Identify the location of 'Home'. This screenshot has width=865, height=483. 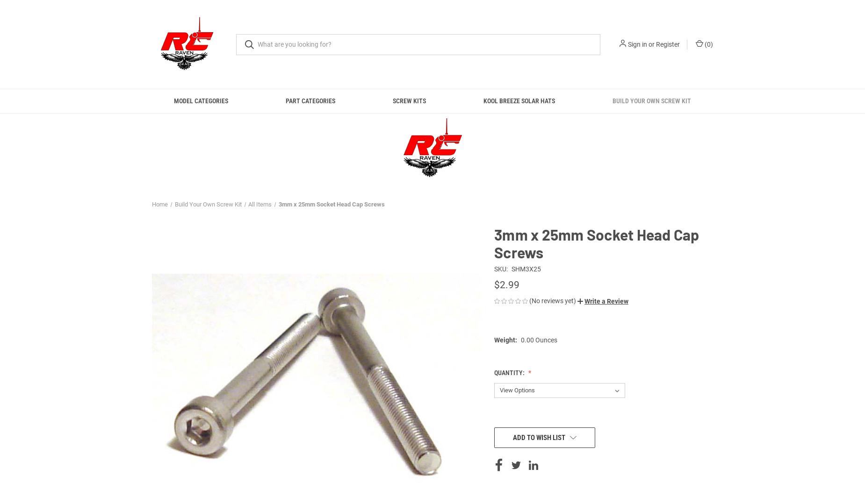
(159, 204).